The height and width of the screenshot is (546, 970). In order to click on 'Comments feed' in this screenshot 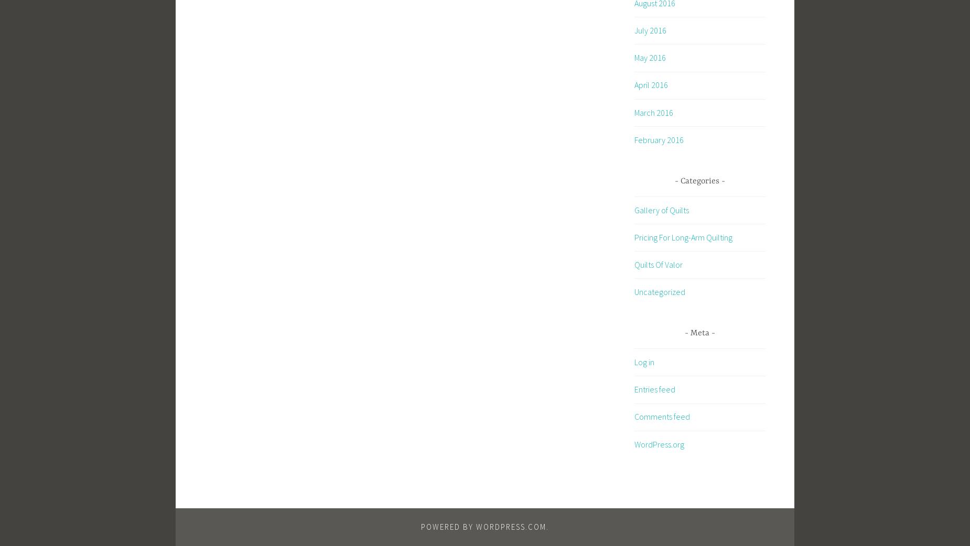, I will do `click(661, 417)`.